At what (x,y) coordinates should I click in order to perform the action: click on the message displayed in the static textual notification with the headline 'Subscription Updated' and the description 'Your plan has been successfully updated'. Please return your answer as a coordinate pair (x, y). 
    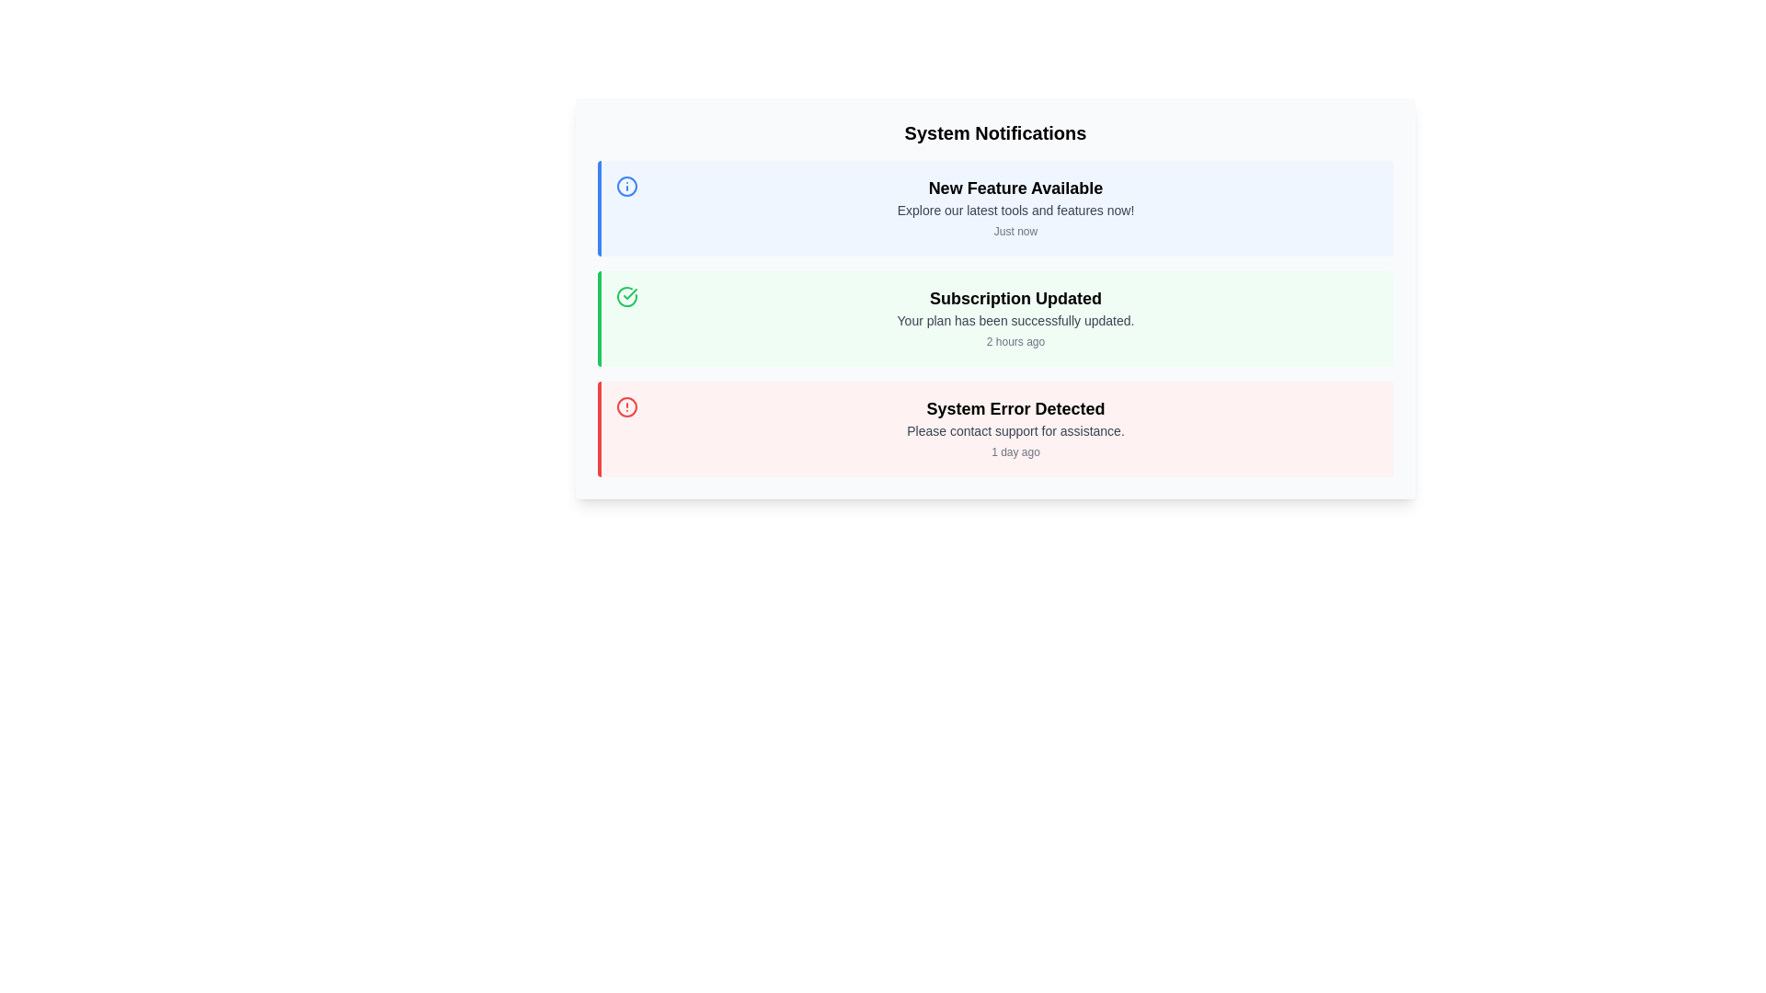
    Looking at the image, I should click on (1015, 318).